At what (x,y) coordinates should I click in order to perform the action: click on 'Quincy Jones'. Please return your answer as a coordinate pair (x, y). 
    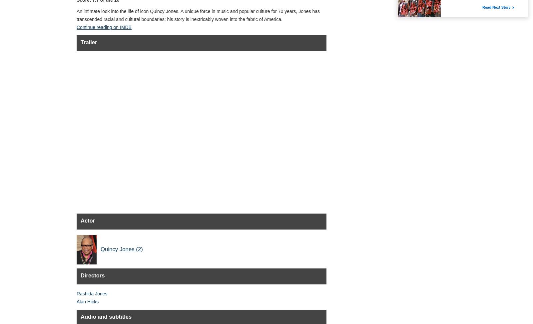
    Looking at the image, I should click on (117, 249).